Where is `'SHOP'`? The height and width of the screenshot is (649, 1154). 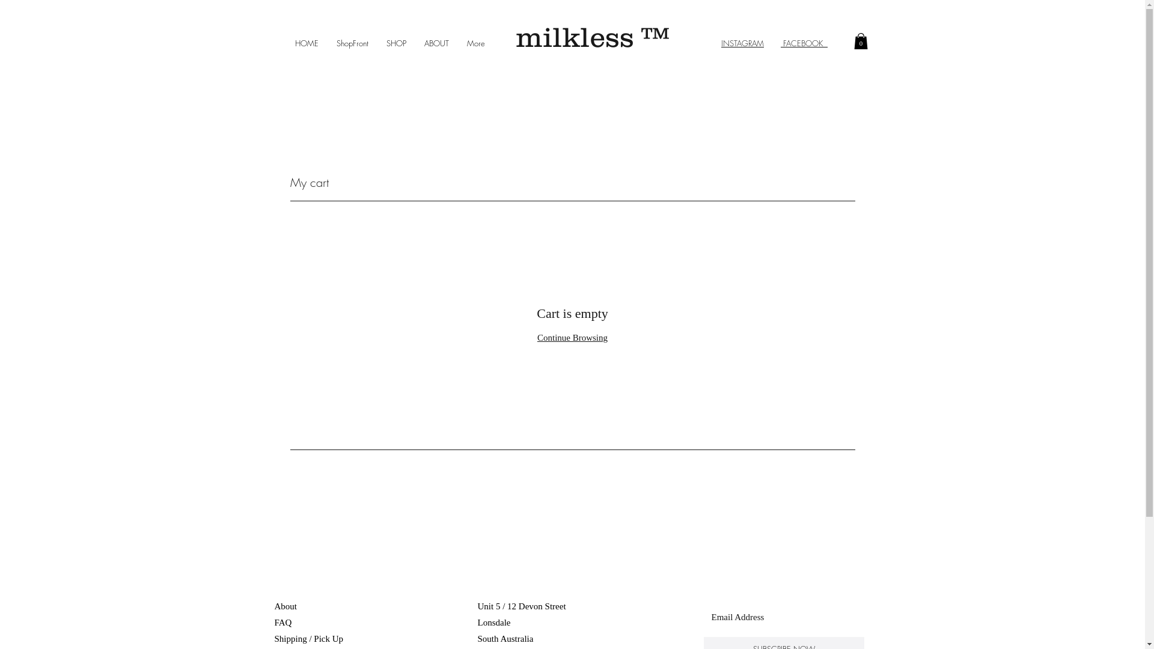
'SHOP' is located at coordinates (396, 43).